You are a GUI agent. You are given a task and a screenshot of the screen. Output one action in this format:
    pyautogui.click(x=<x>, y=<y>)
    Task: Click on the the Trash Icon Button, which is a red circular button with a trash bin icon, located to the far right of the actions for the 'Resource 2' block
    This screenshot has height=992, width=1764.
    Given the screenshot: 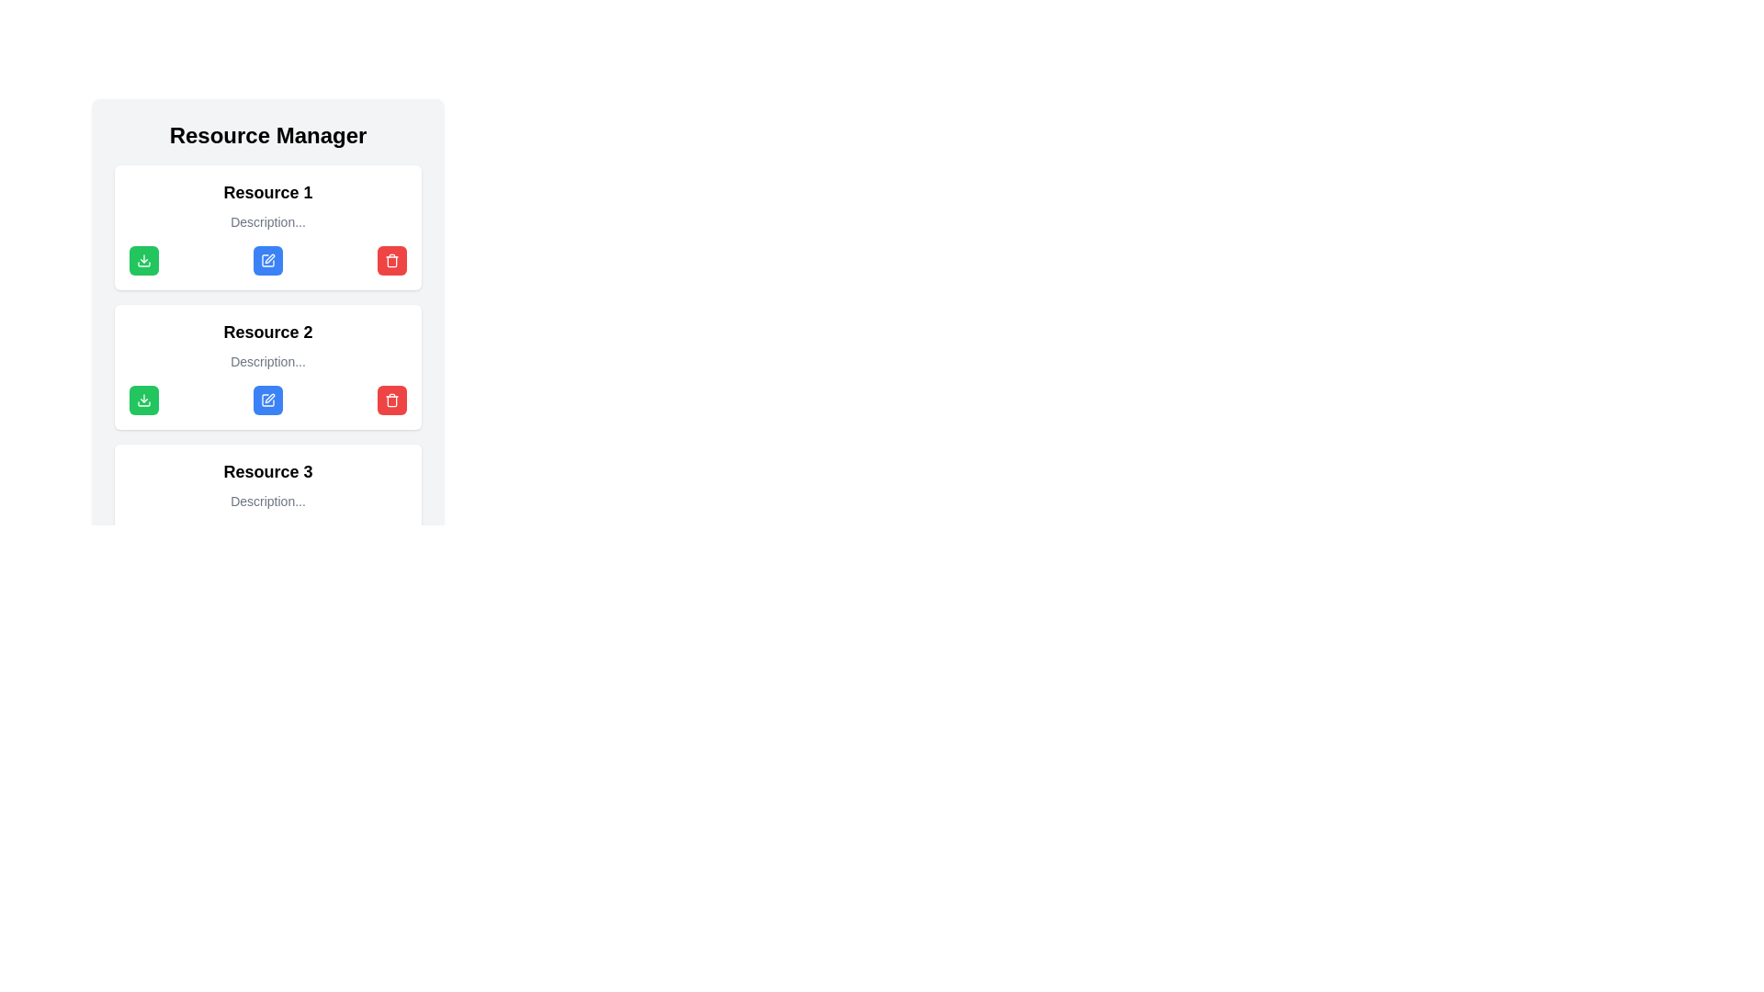 What is the action you would take?
    pyautogui.click(x=391, y=399)
    